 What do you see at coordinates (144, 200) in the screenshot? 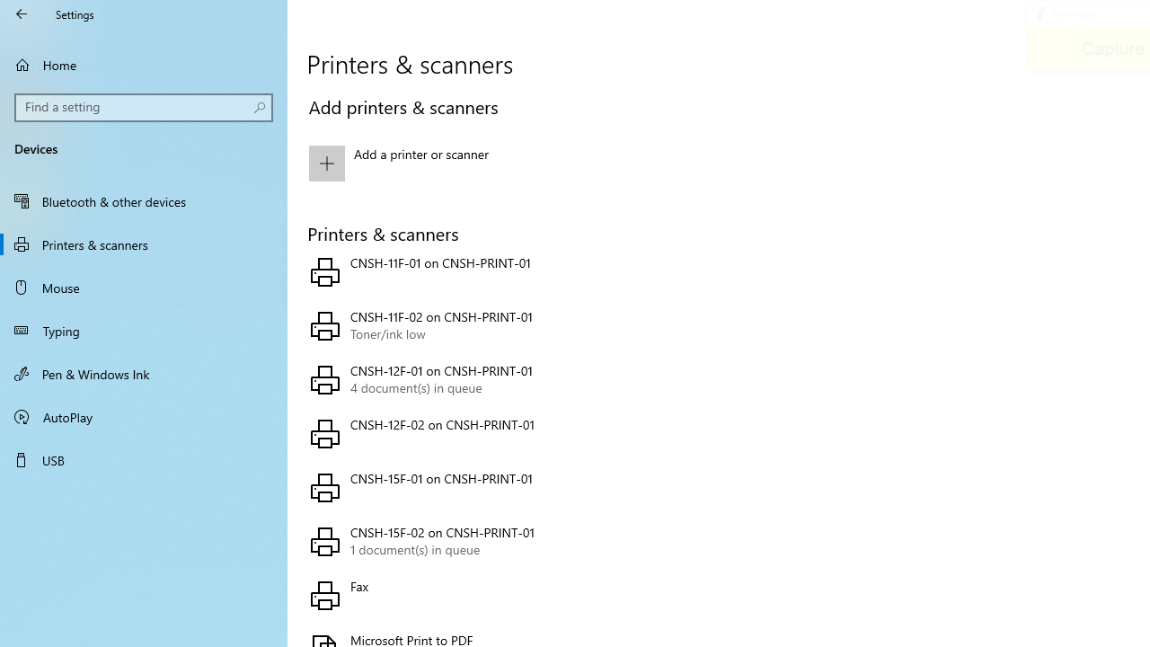
I see `'Bluetooth & other devices'` at bounding box center [144, 200].